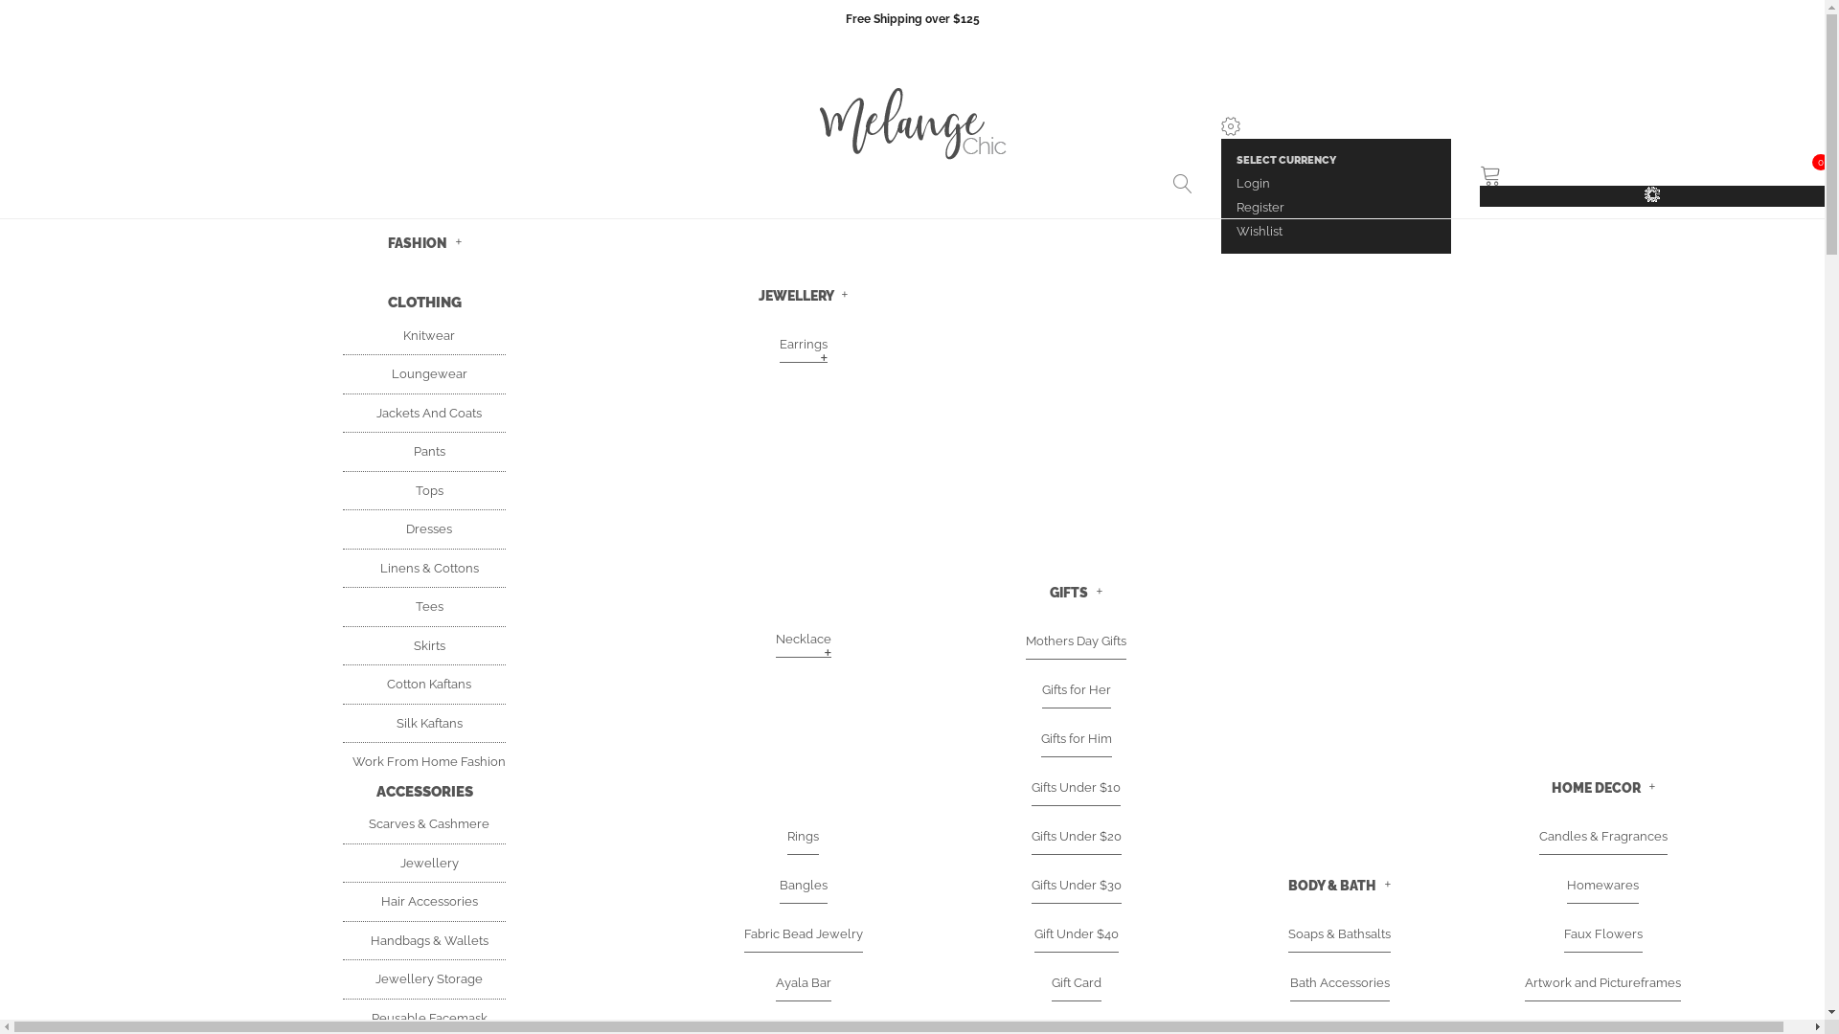 This screenshot has width=1839, height=1034. Describe the element at coordinates (1602, 836) in the screenshot. I see `'Candles & Fragrances'` at that location.